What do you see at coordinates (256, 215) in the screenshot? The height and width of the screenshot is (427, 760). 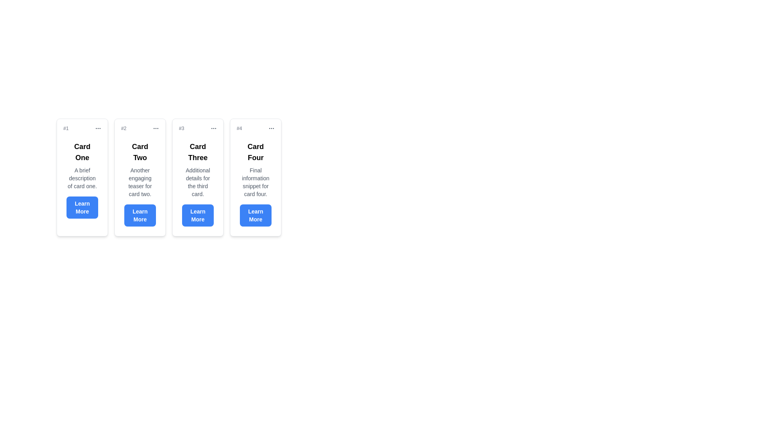 I see `the button located at the bottom of the 'Card Four'` at bounding box center [256, 215].